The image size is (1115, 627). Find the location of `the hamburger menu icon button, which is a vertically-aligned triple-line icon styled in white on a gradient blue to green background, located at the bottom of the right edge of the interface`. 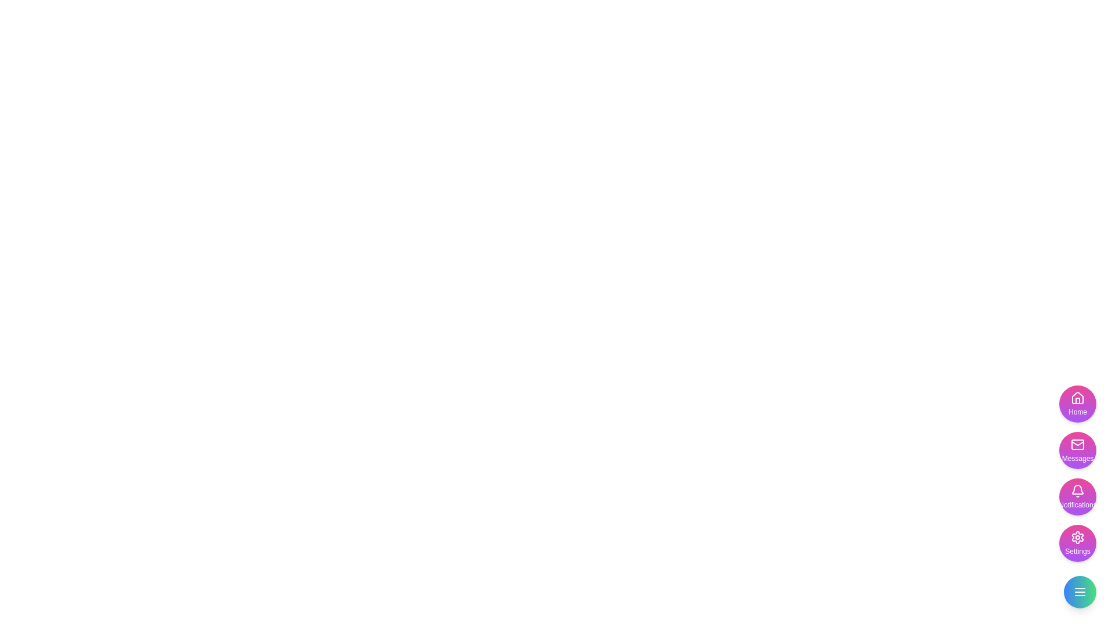

the hamburger menu icon button, which is a vertically-aligned triple-line icon styled in white on a gradient blue to green background, located at the bottom of the right edge of the interface is located at coordinates (1080, 592).